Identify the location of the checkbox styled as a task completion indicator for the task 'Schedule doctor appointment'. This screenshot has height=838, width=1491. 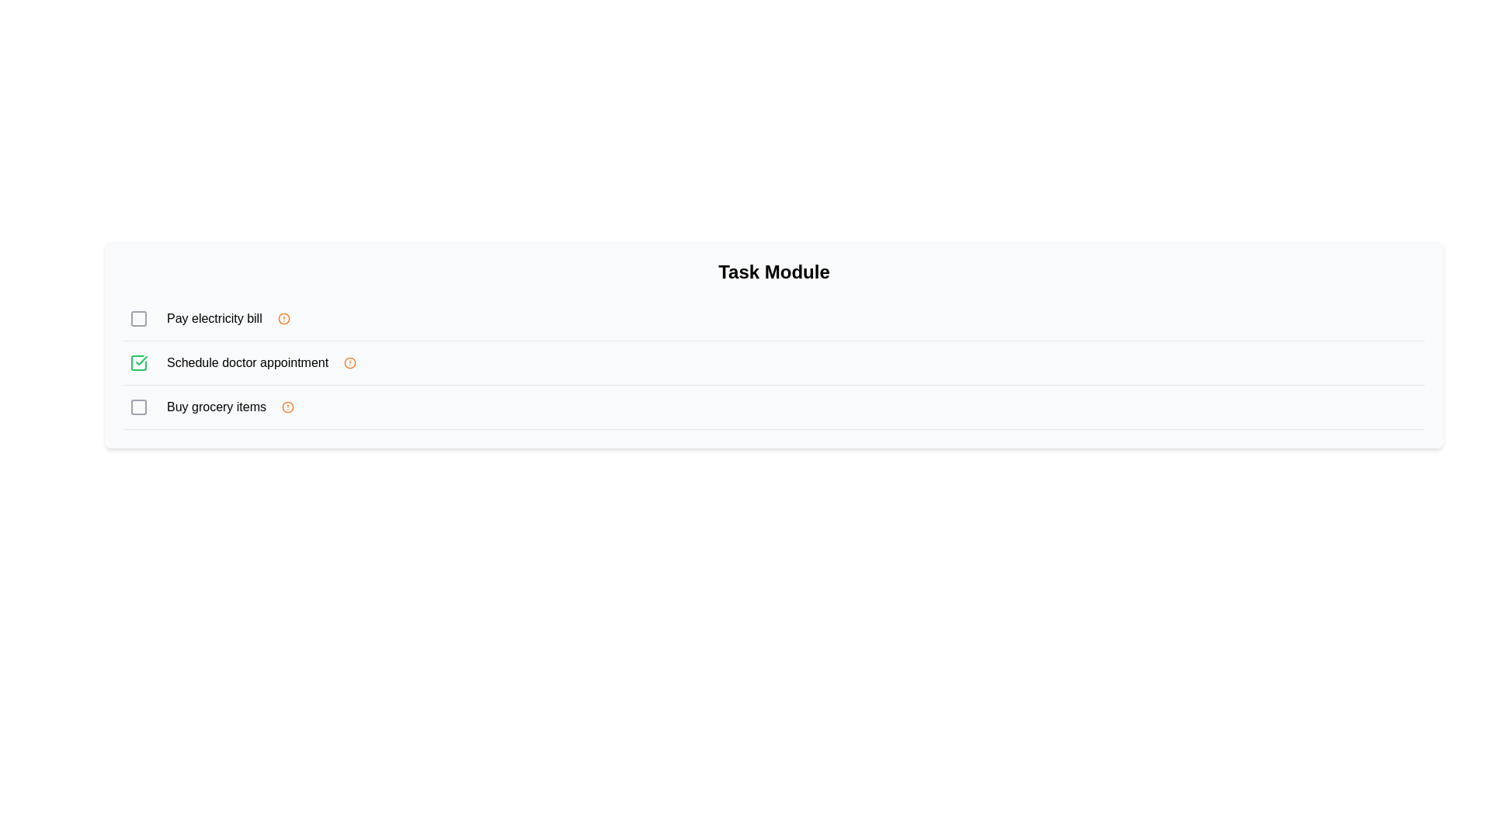
(138, 362).